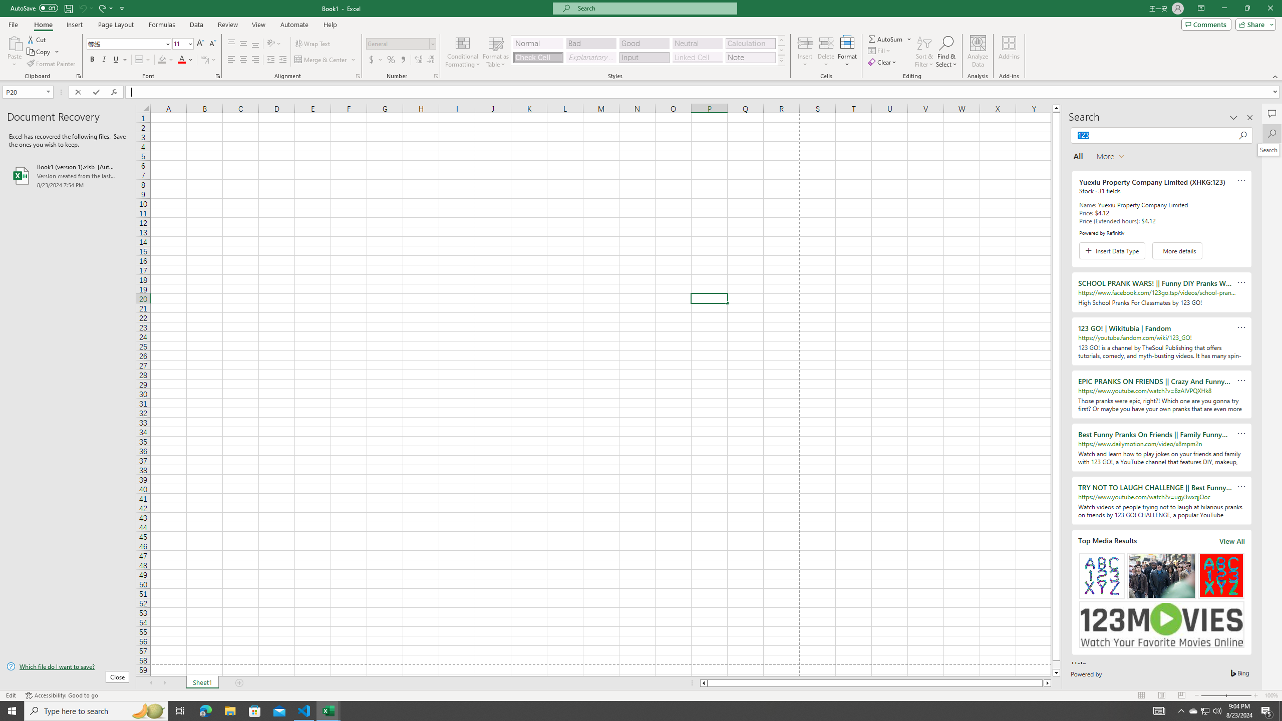  Describe the element at coordinates (204, 59) in the screenshot. I see `'Show Phonetic Field'` at that location.